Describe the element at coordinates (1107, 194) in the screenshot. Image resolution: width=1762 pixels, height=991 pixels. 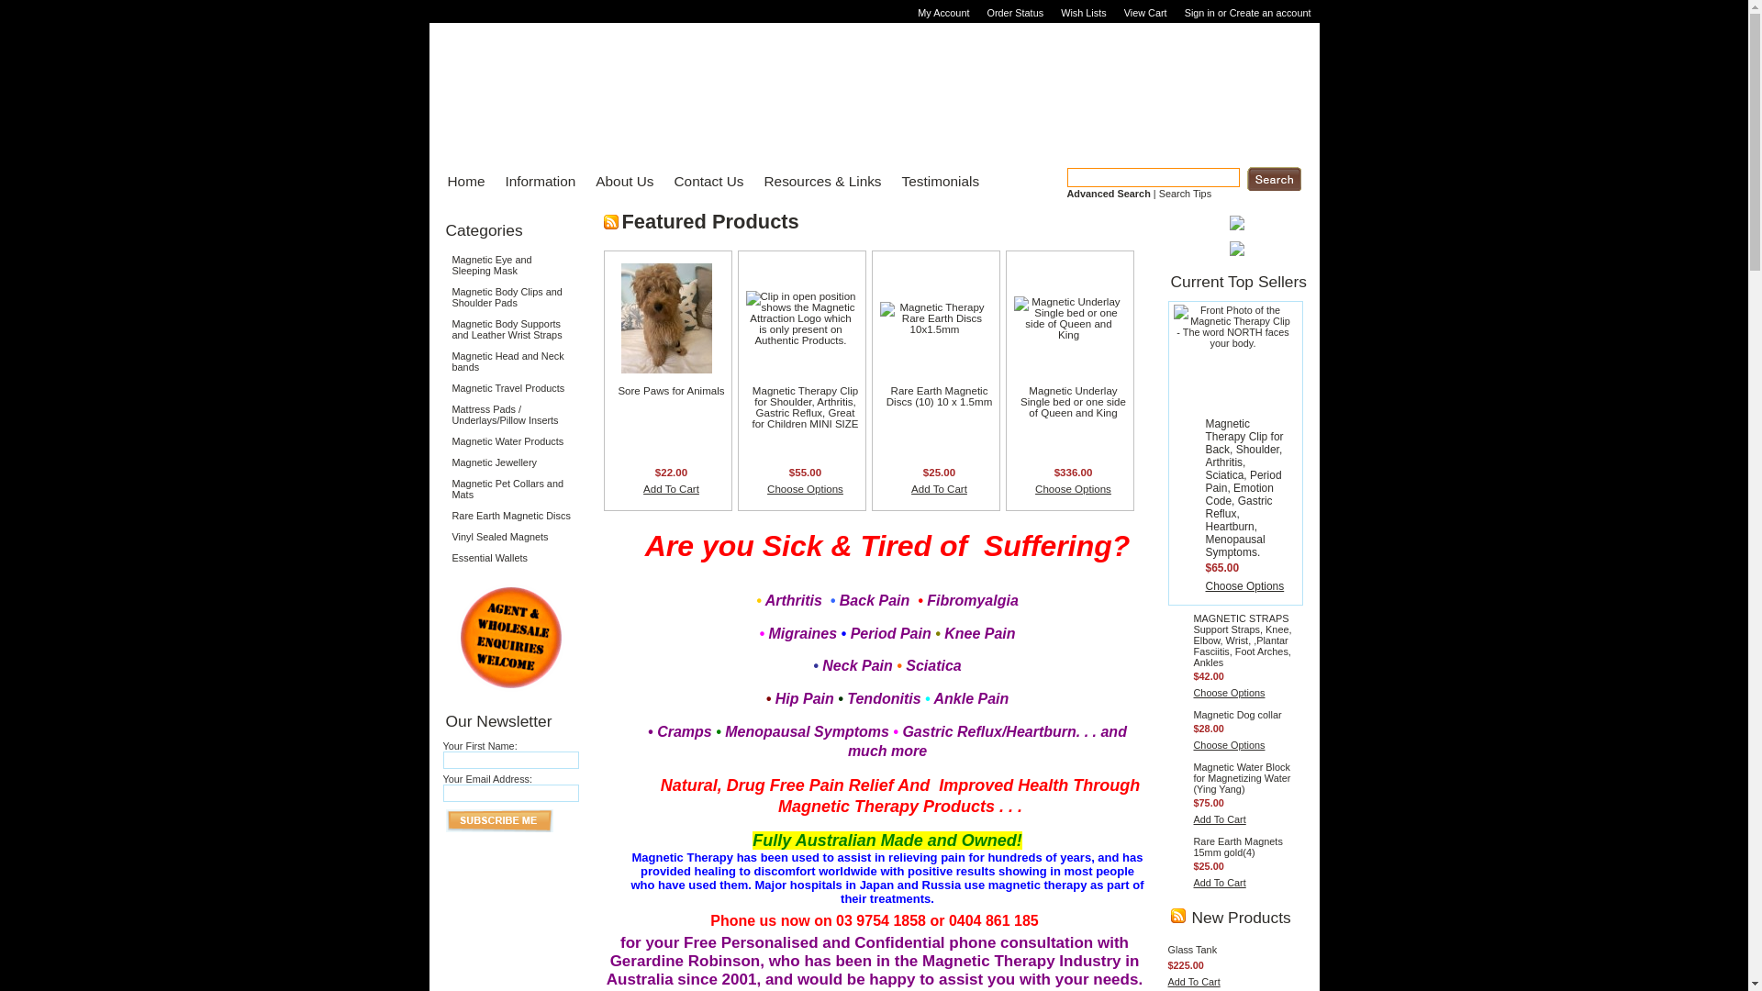
I see `'Advanced Search'` at that location.